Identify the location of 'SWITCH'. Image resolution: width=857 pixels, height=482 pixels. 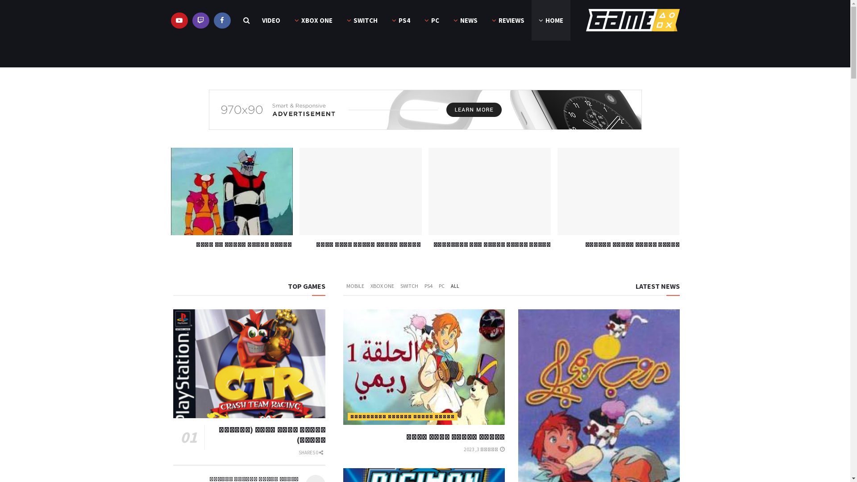
(362, 20).